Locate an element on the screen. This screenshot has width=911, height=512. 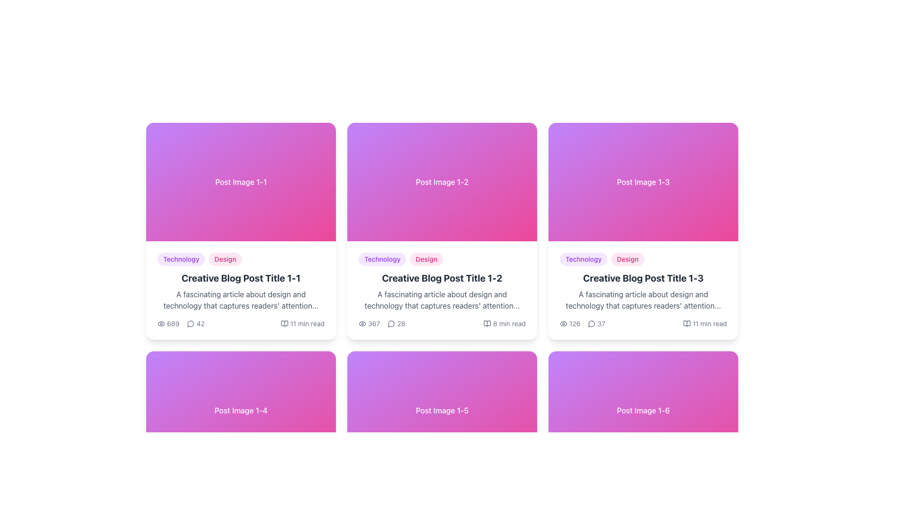
displayed view count from the label with an icon that shows the number of views for the blog post, located under the title and description fields is located at coordinates (569, 323).